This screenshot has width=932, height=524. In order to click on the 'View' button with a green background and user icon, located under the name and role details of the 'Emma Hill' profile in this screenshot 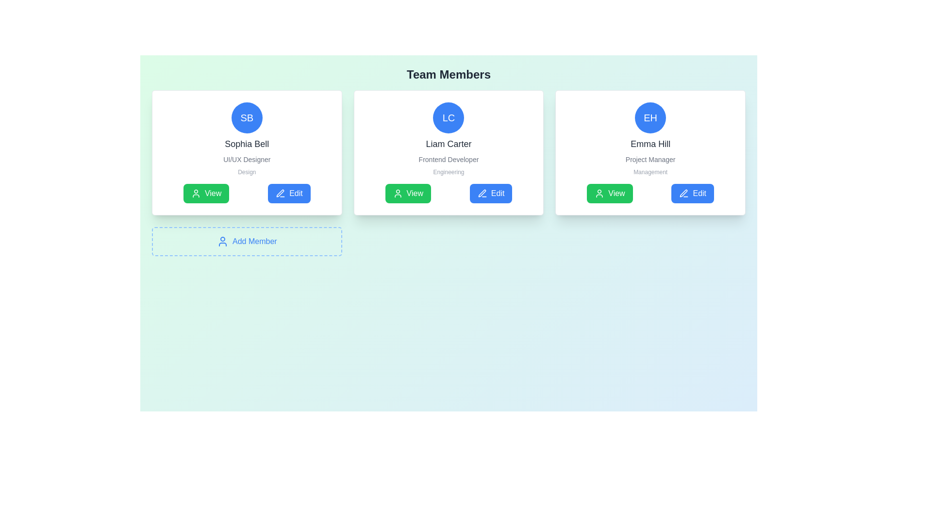, I will do `click(609, 193)`.